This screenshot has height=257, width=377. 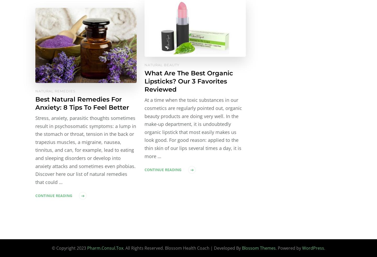 I want to click on 'Natural Beauty', so click(x=162, y=65).